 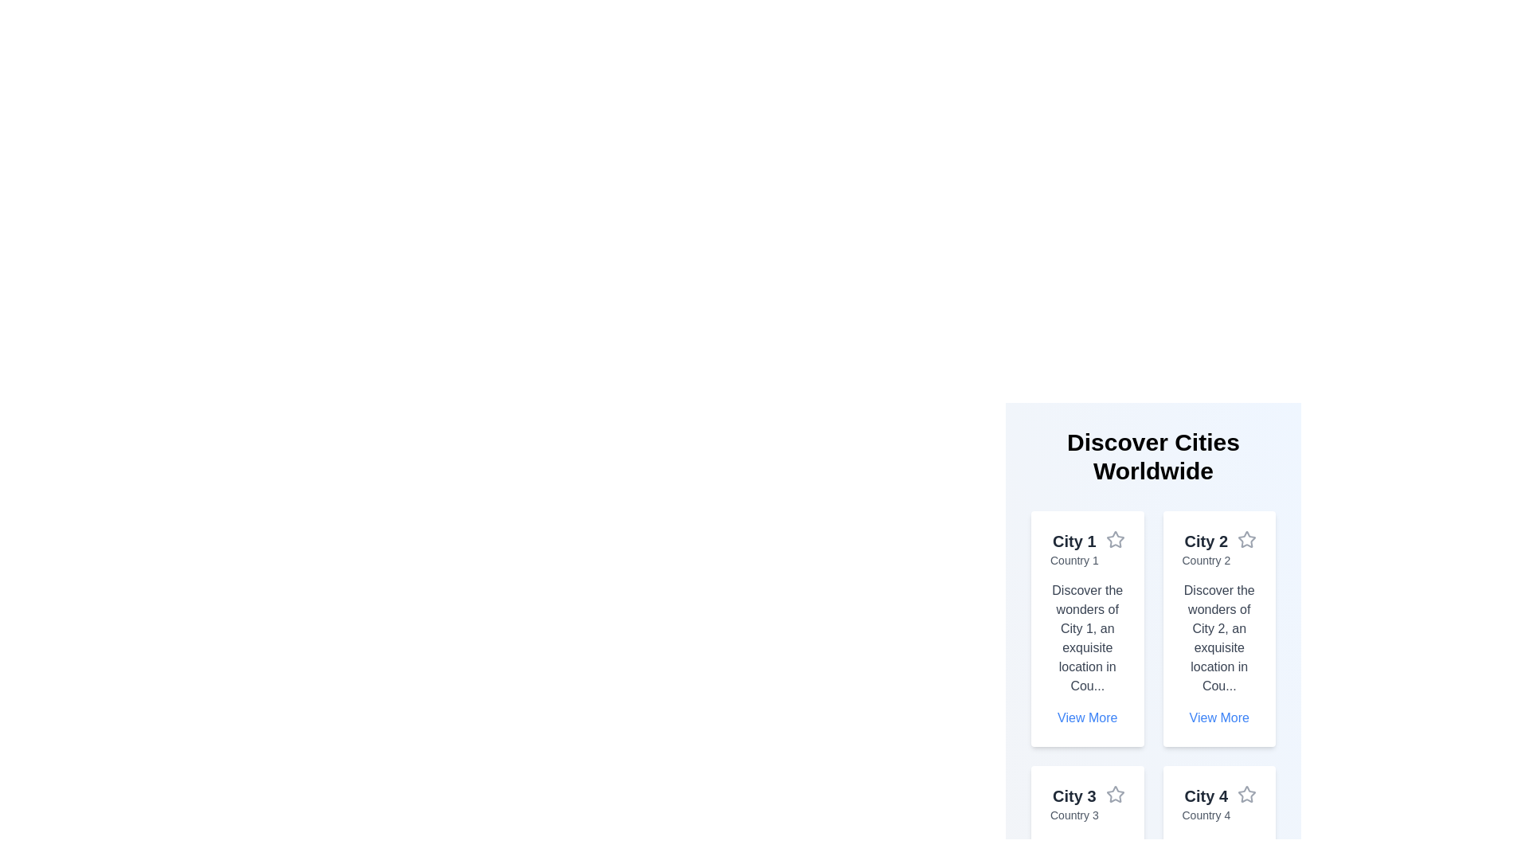 I want to click on the hyperlink located at the bottom of the card that provides information about 'City 2' and 'Country 2', so click(x=1218, y=718).